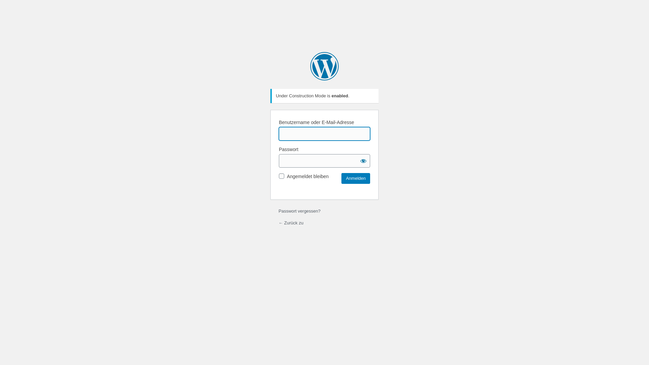 The width and height of the screenshot is (649, 365). What do you see at coordinates (299, 211) in the screenshot?
I see `'Passwort vergessen?'` at bounding box center [299, 211].